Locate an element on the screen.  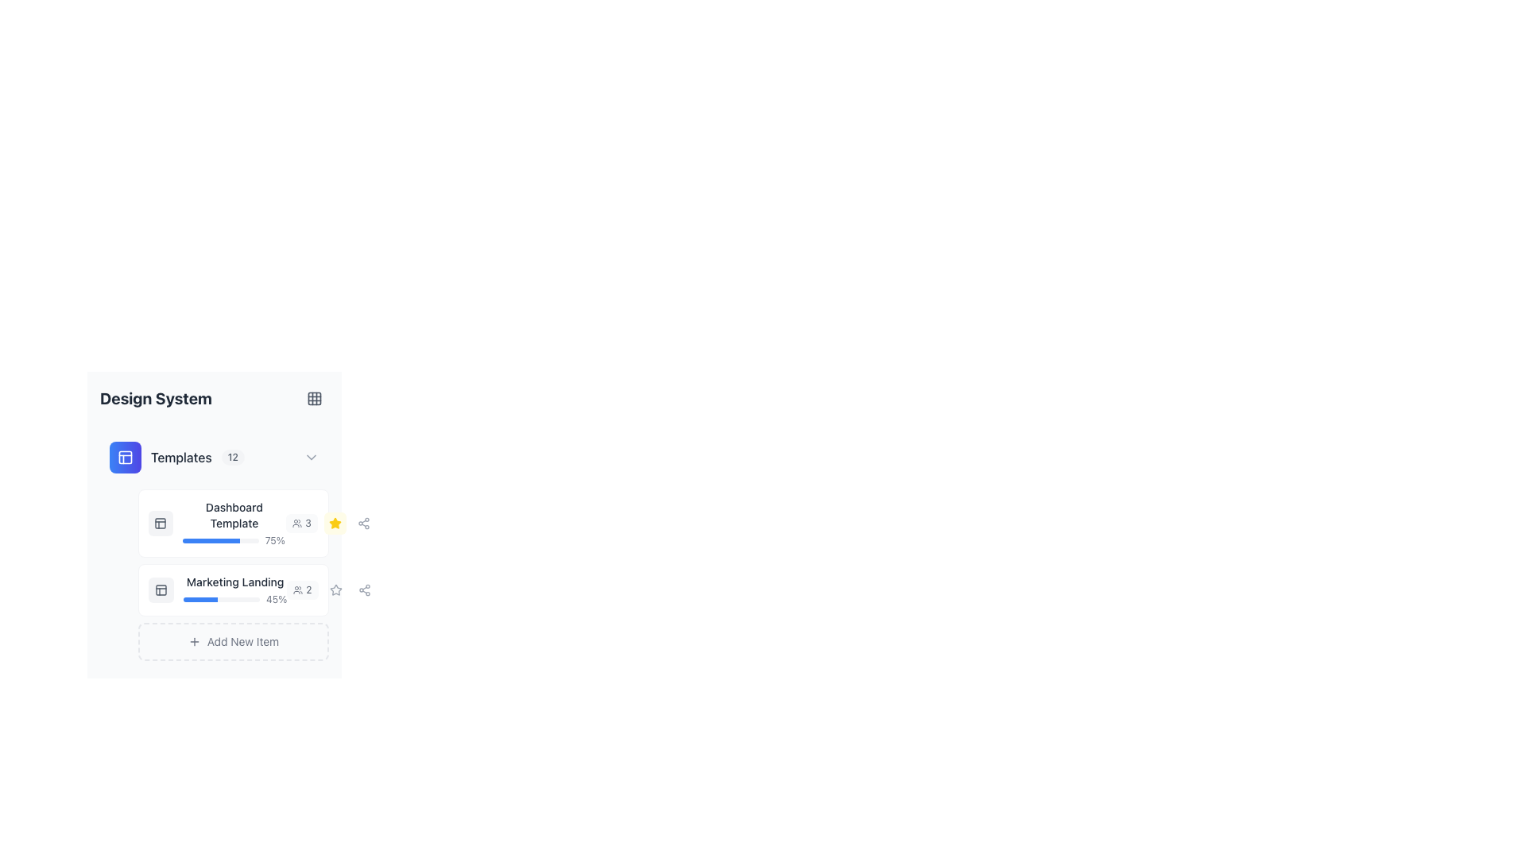
the Expandable Indicator Icon located to the right end of the 'Templates' label row is located at coordinates (312, 457).